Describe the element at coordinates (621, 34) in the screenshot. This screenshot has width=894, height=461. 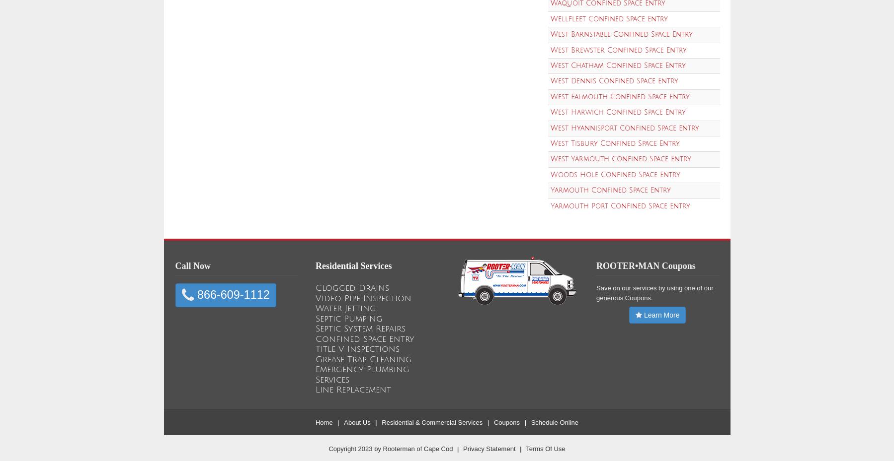
I see `'West Barnstable Confined Space Entry'` at that location.